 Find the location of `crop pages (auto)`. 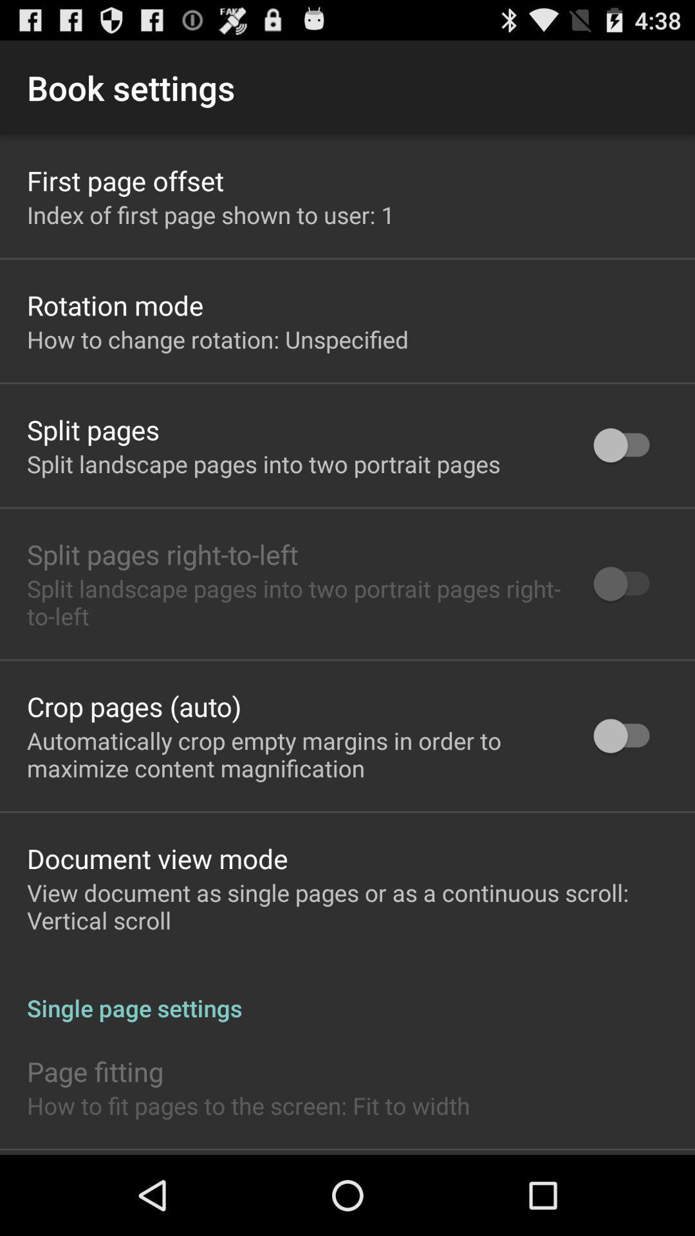

crop pages (auto) is located at coordinates (134, 706).